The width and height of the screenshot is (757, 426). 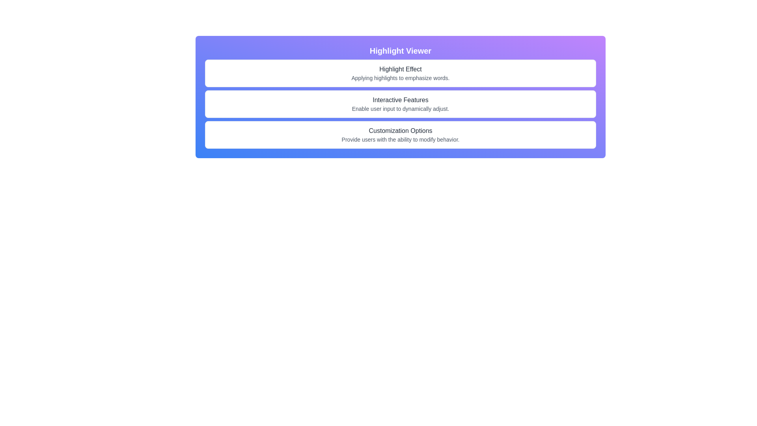 What do you see at coordinates (405, 99) in the screenshot?
I see `the letter 'F' in the text 'Interactive Features', which is the thirteenth character in the label describing a feature` at bounding box center [405, 99].